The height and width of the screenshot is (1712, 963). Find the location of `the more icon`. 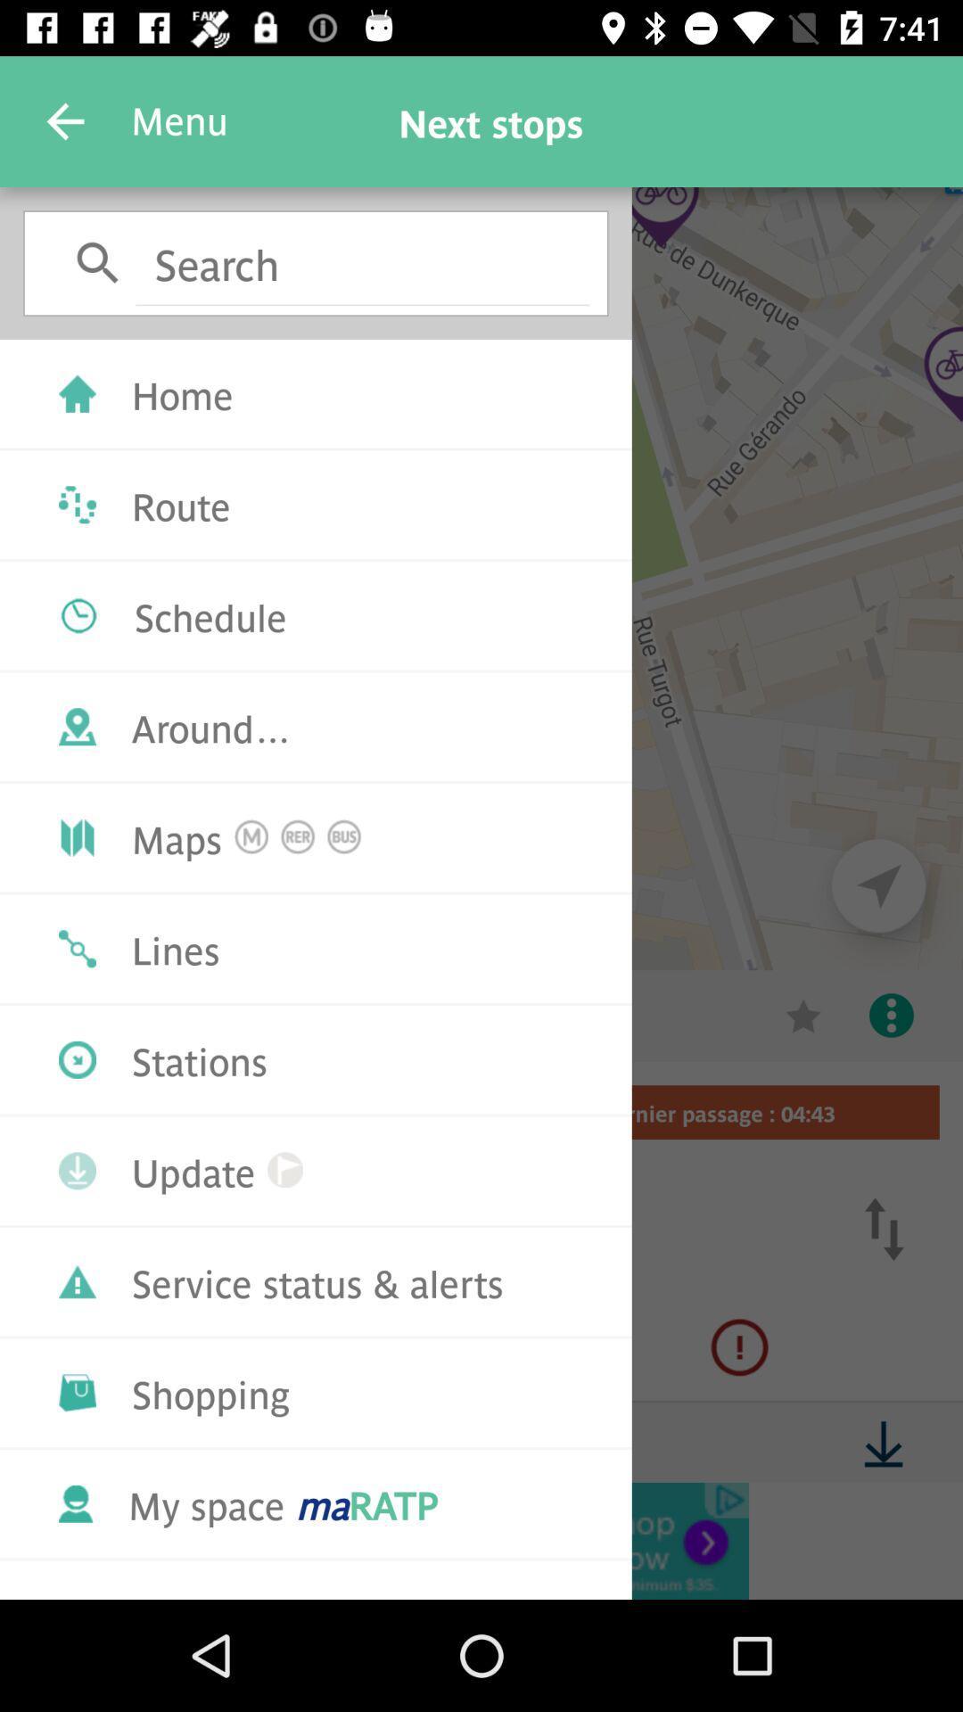

the more icon is located at coordinates (892, 1016).